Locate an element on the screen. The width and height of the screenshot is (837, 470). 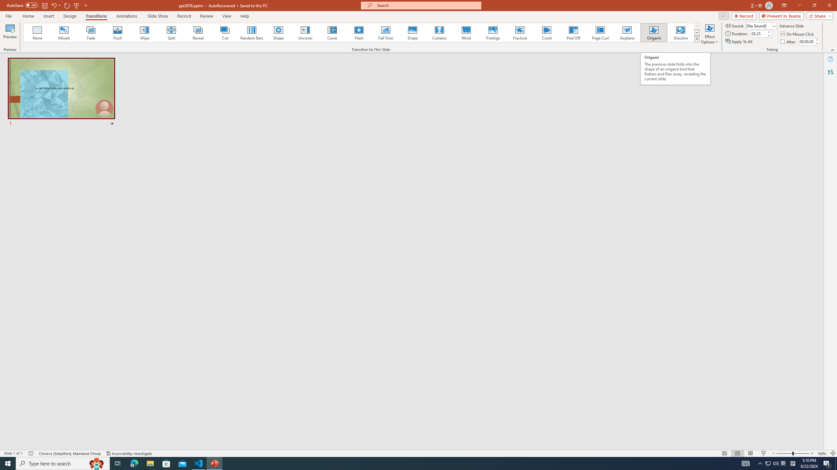
'Wipe' is located at coordinates (144, 32).